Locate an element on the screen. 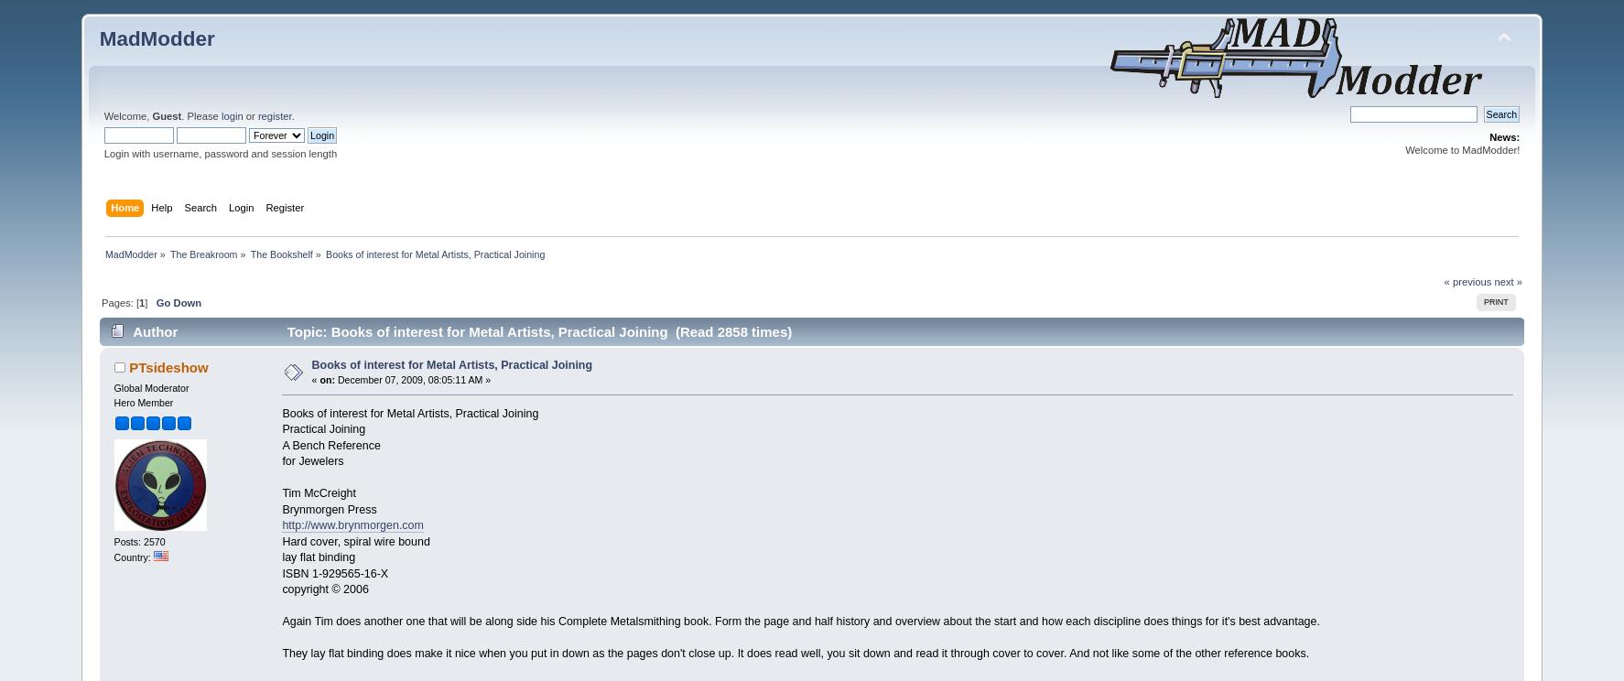 The image size is (1624, 681). 'Global Moderator' is located at coordinates (150, 385).